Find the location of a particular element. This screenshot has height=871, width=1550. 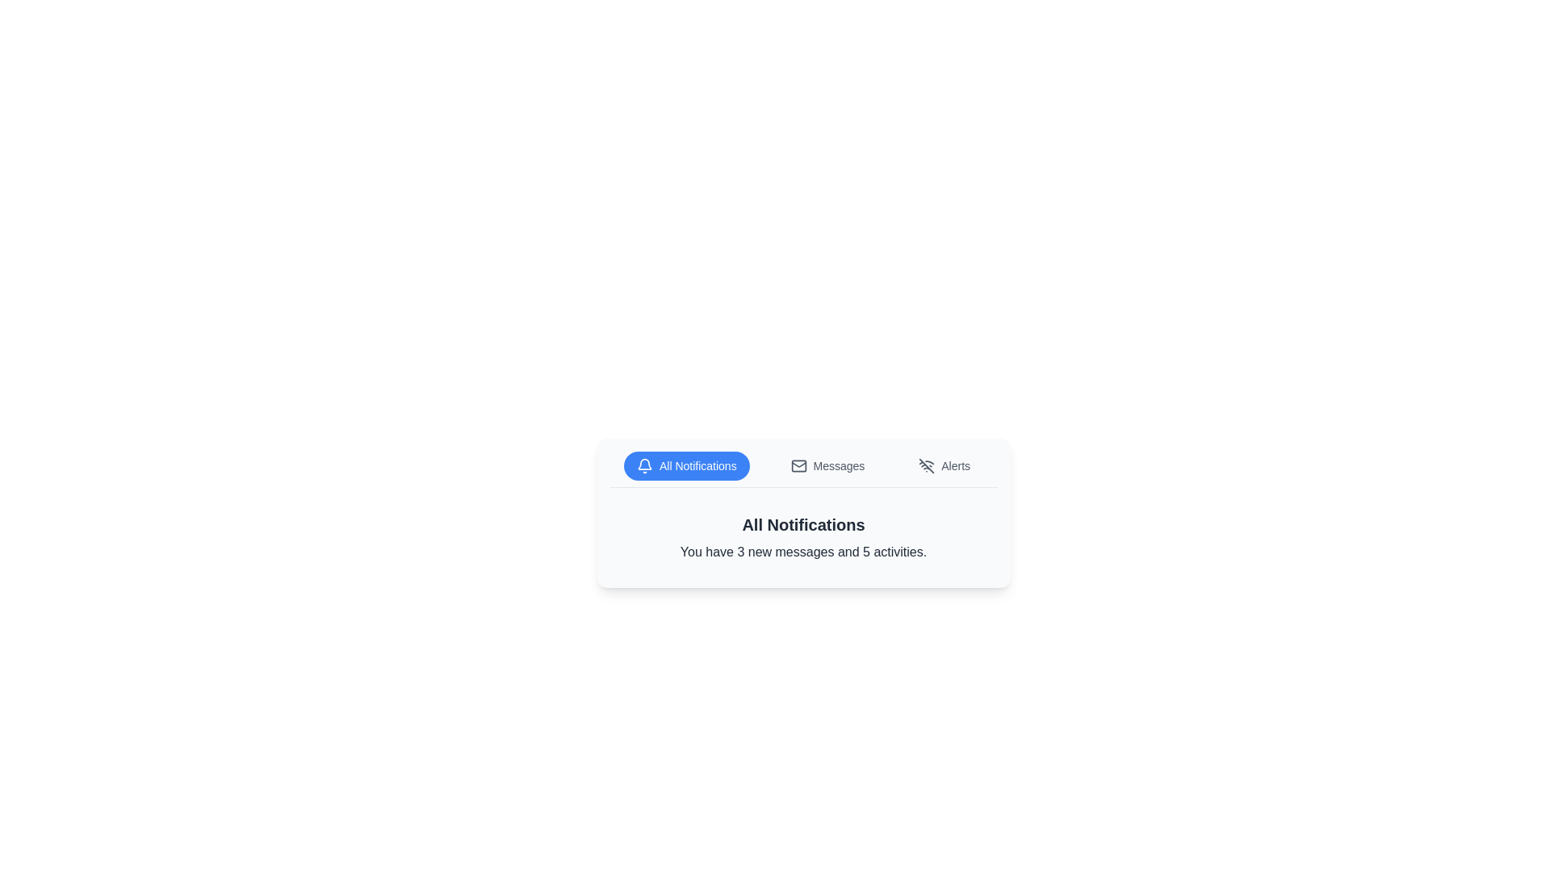

the Wi-Fi icon that indicates a disabled connection, located to the left of the 'Alerts' label in the button group at the top of the notification panel is located at coordinates (927, 466).